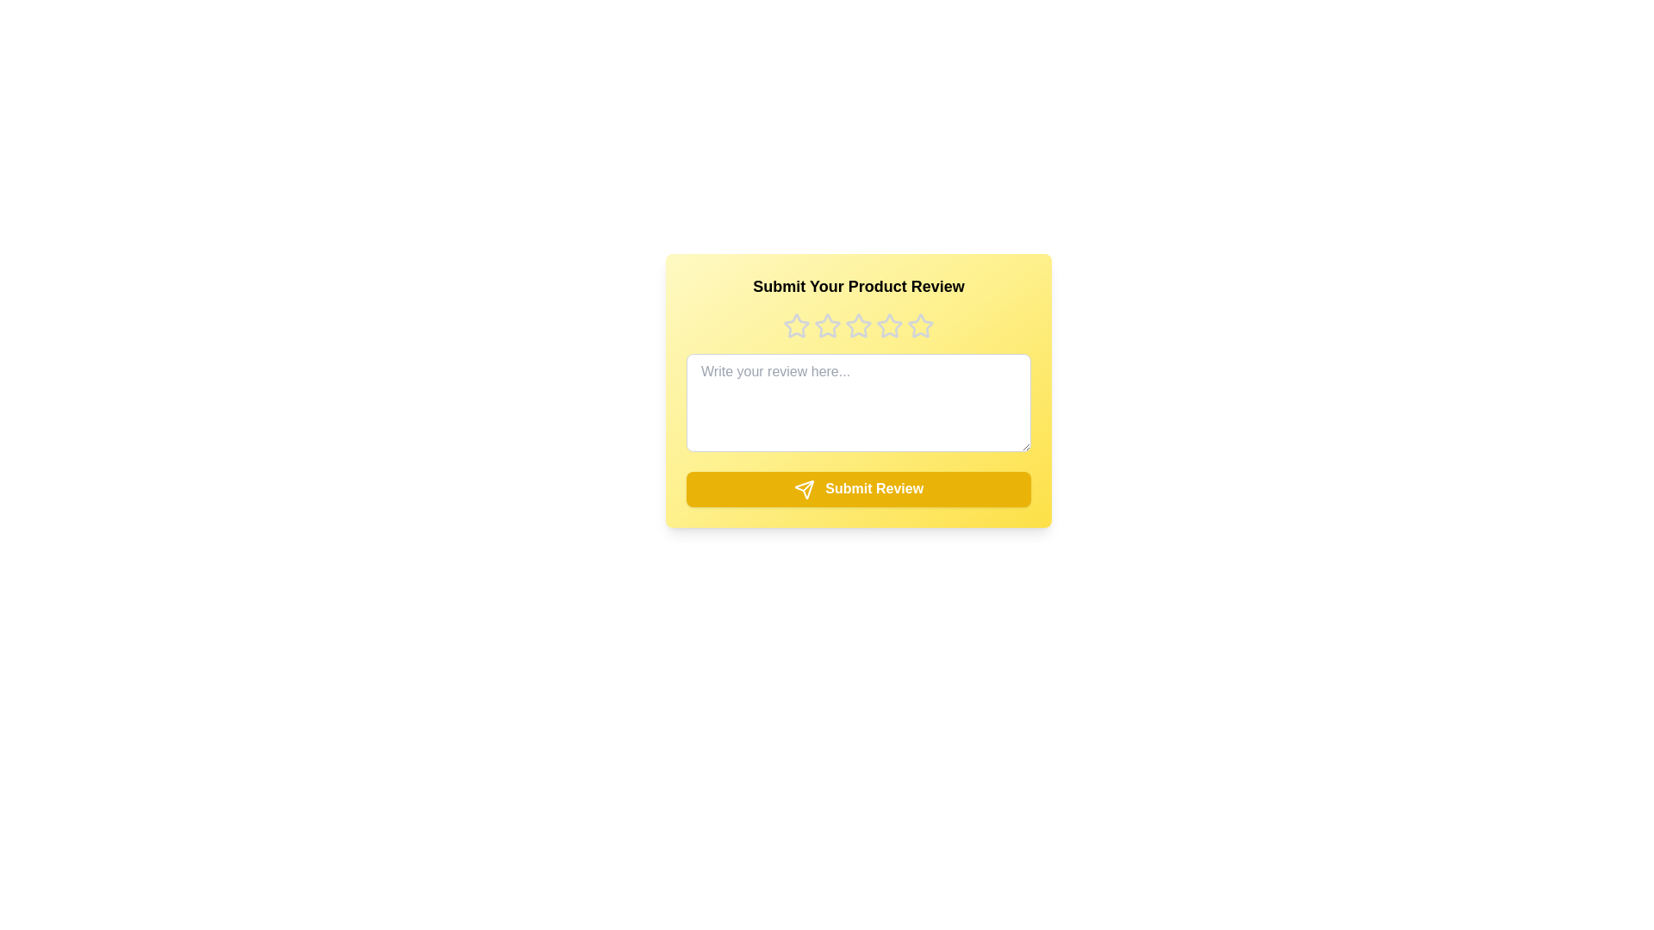 The width and height of the screenshot is (1654, 930). I want to click on the fifth star icon in the five-star rating system, so click(920, 325).